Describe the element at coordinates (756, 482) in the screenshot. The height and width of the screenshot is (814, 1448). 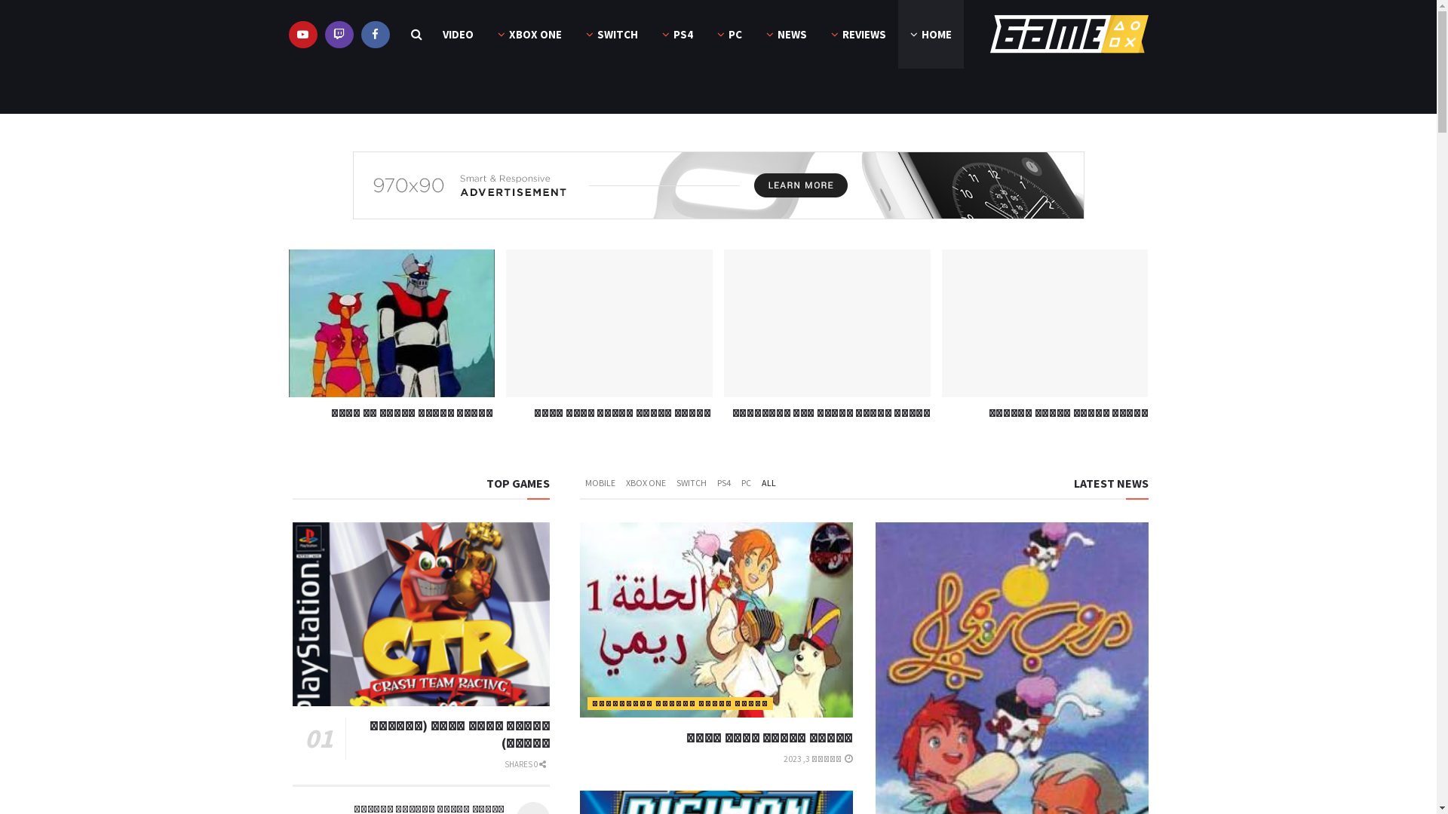
I see `'ALL'` at that location.